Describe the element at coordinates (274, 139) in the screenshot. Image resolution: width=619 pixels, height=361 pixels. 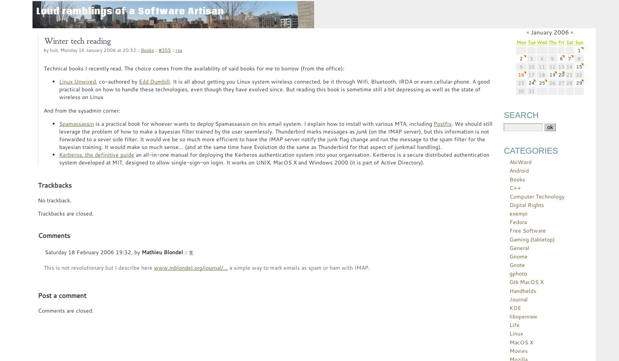
I see `'(on the IMAP server), but this information is not forwarded to a sever side filter. It would we be so much more efficient to have the IMAP server notify the junk flag change and run the message to the spam filter for the bayesian training. It would make so much sense... (and at the same time have Evolution do the same as Thunderbird for that aspect of junkmail handling).'` at that location.